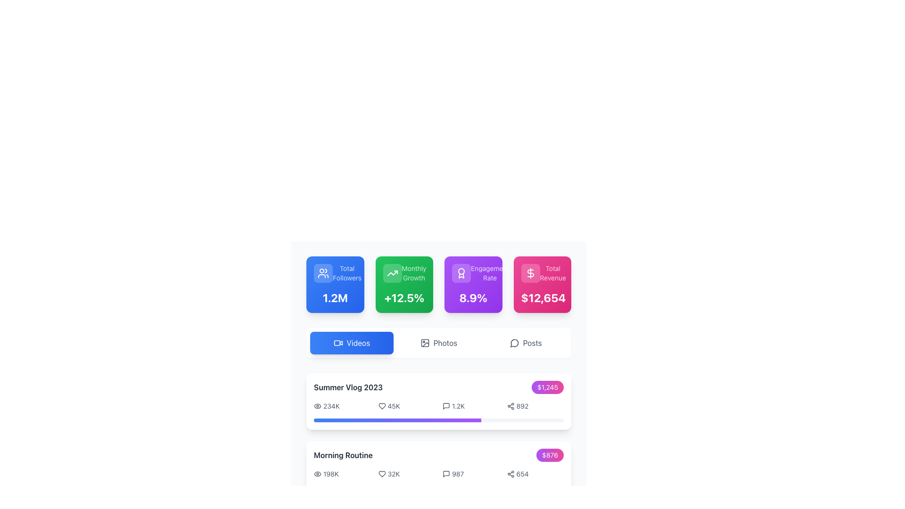  What do you see at coordinates (510, 405) in the screenshot?
I see `the share icon located next to the number '892' in the statistics section for 'Summer Vlog 2023' to initiate a share action` at bounding box center [510, 405].